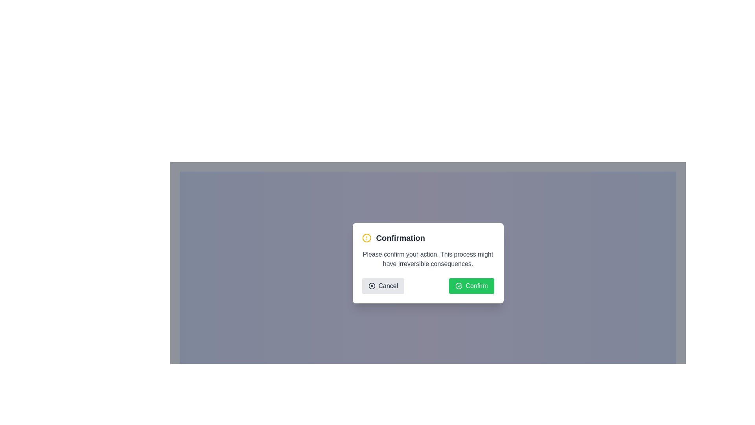 The width and height of the screenshot is (755, 425). I want to click on the circular caution icon with a yellow border and an exclamation symbol, which is located to the left of the bold 'Confirmation' text in the title bar of the dialog box, so click(366, 237).